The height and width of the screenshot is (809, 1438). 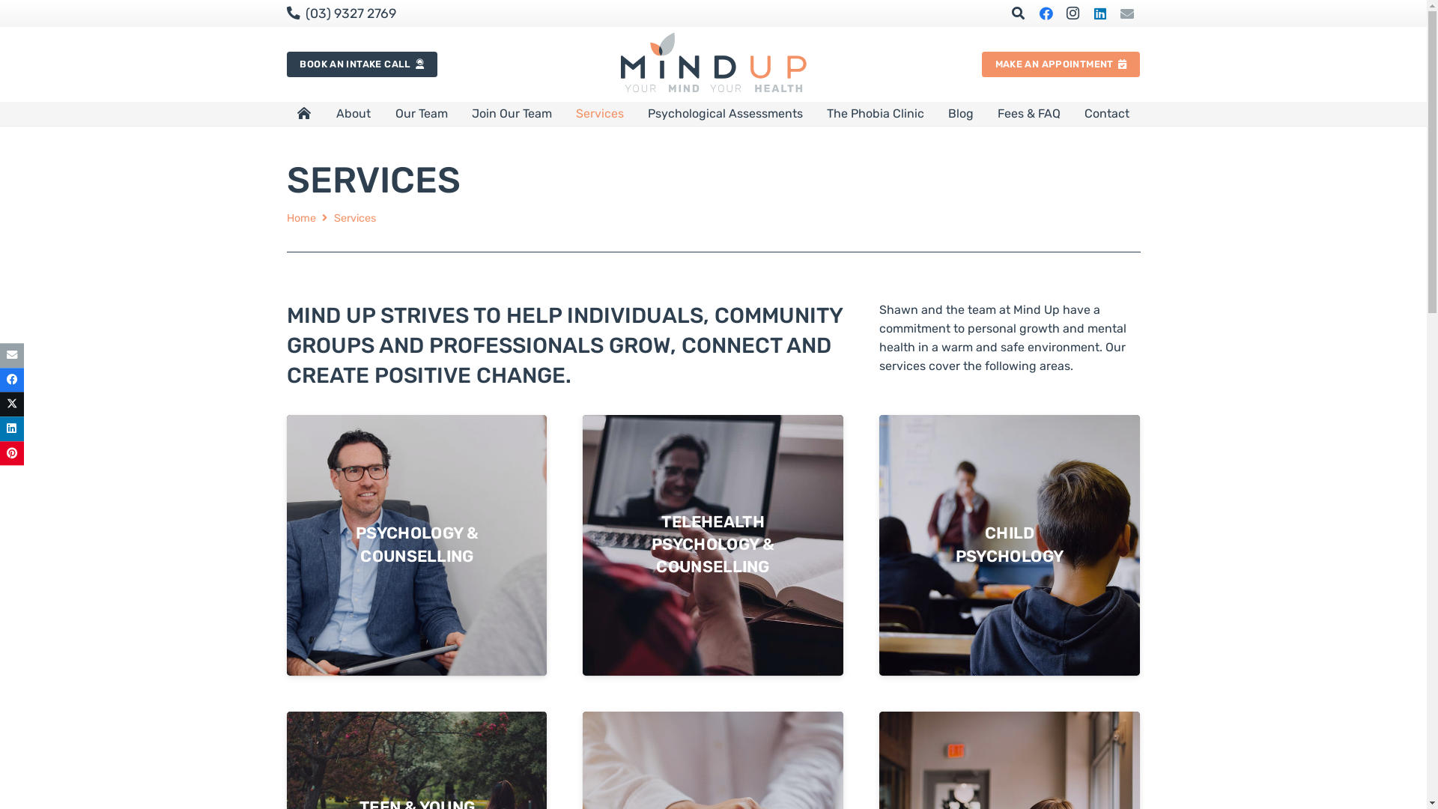 I want to click on 'Tweet this', so click(x=11, y=404).